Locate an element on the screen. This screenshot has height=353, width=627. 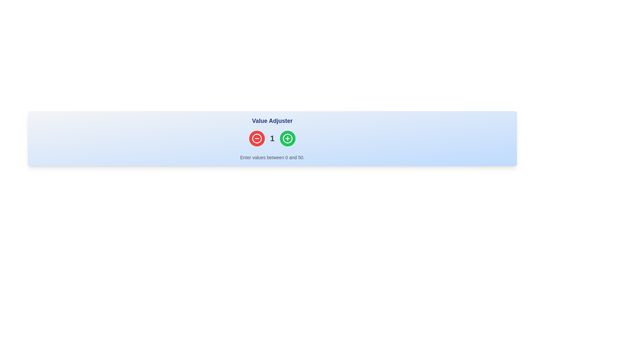
the green circular button with a white cross symbol located on the right side of a three-element control area is located at coordinates (287, 138).